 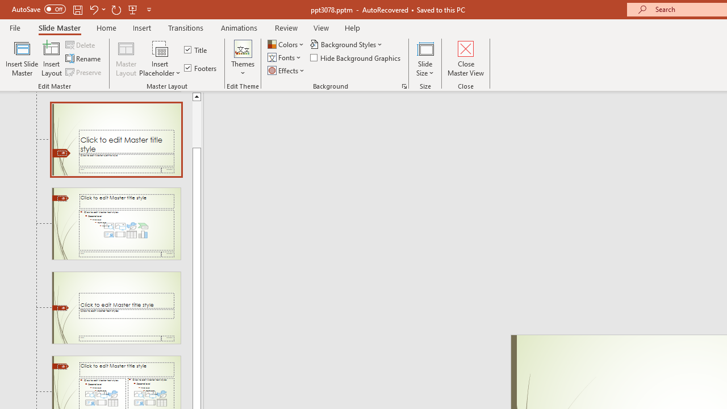 I want to click on 'Insert Layout', so click(x=51, y=59).